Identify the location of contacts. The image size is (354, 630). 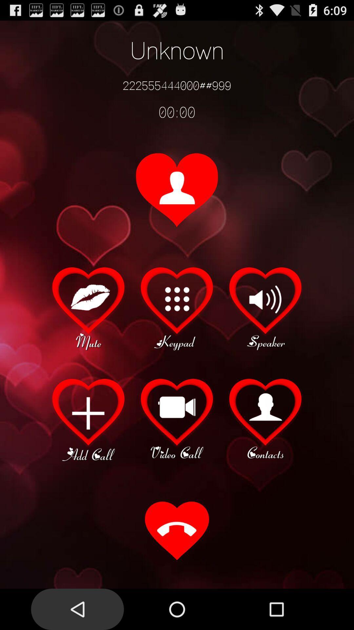
(265, 419).